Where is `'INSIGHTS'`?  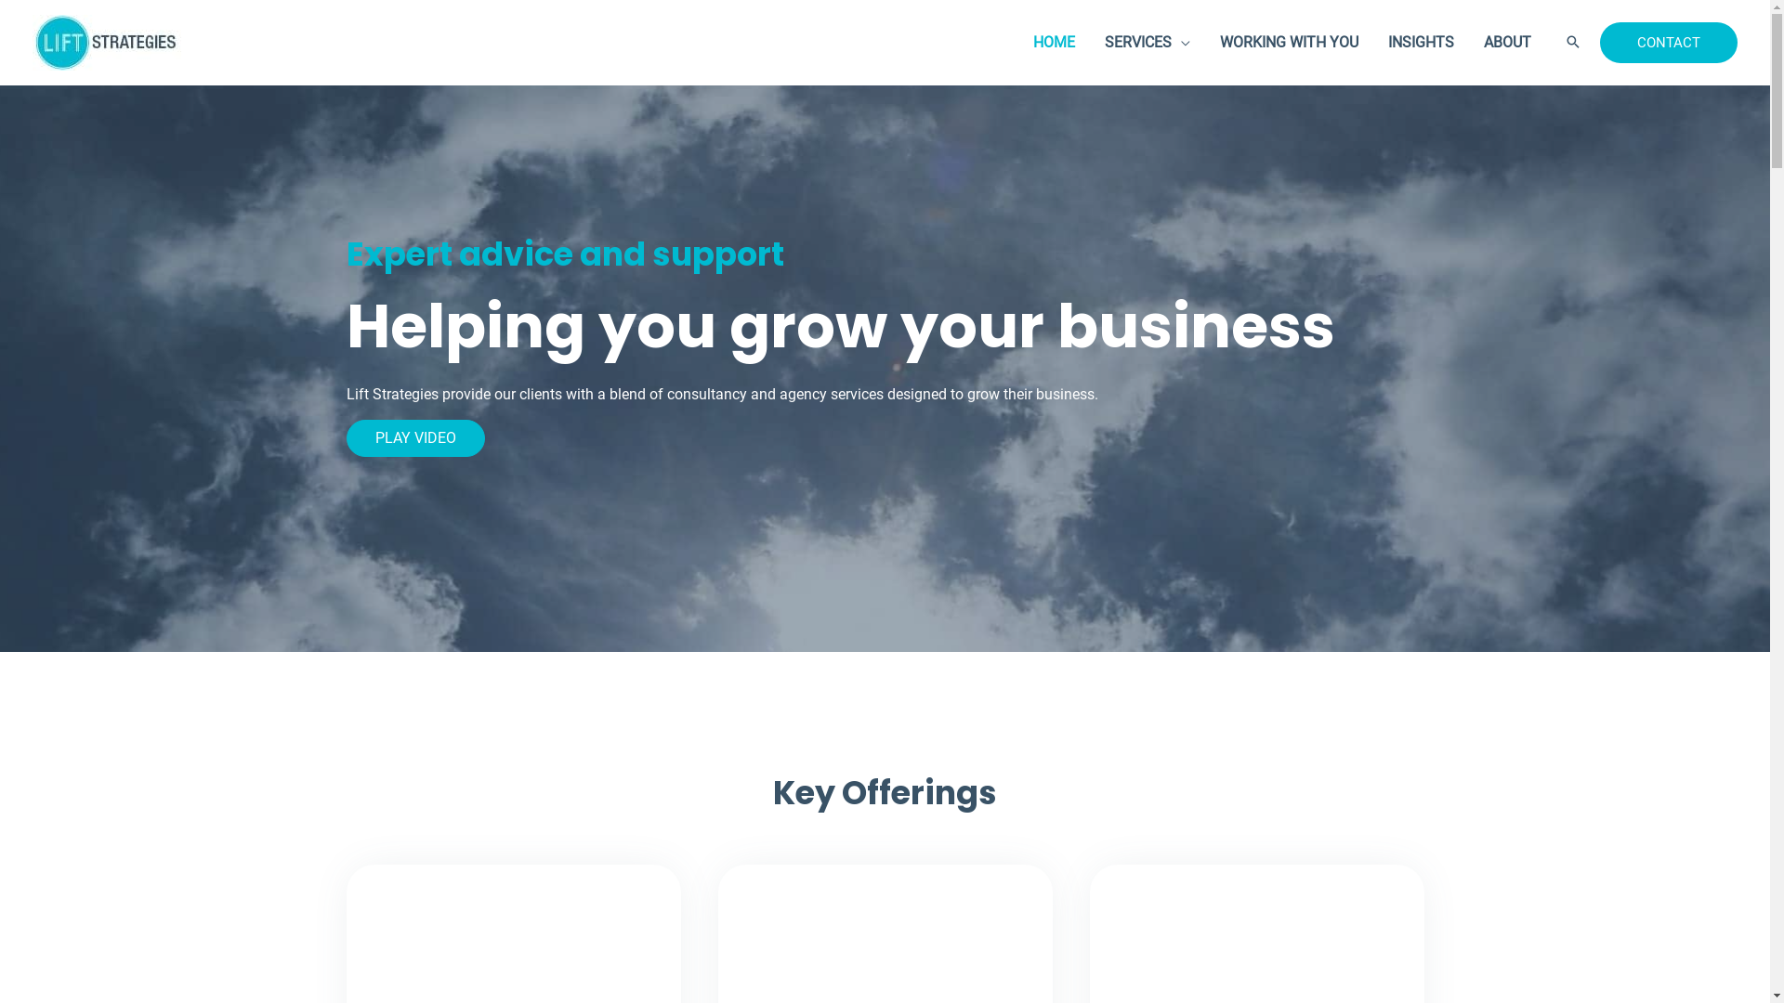
'INSIGHTS' is located at coordinates (1420, 42).